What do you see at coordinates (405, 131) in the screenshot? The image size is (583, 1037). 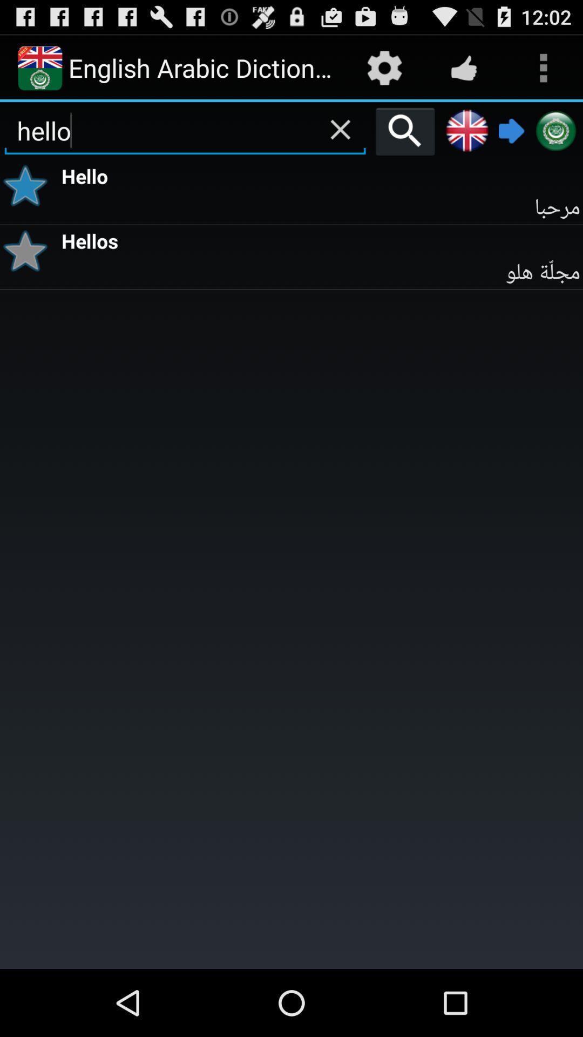 I see `icon above hello icon` at bounding box center [405, 131].